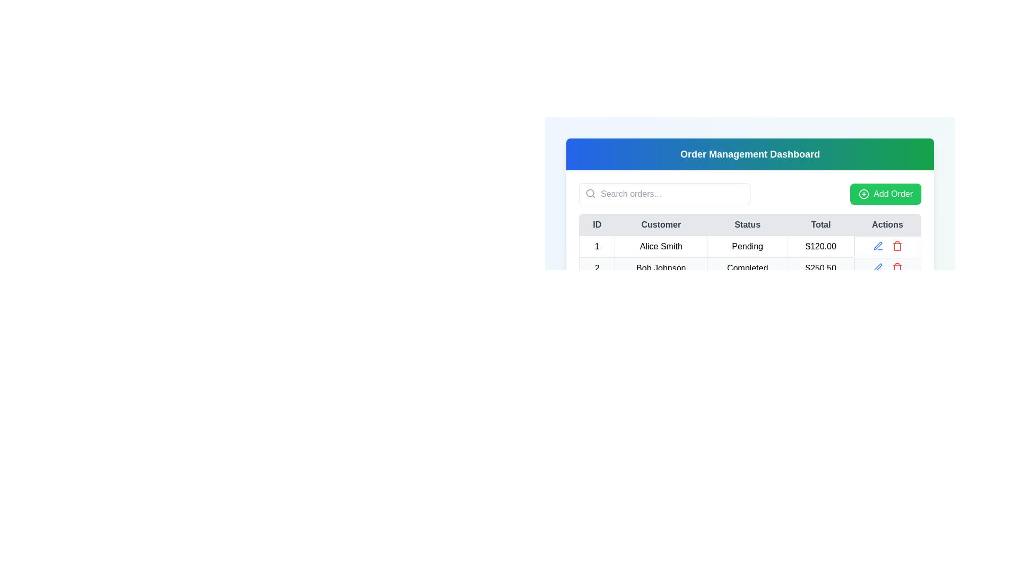  I want to click on the circular search icon located at the top left corner of the search bar, which is styled with a light gray stroke and represents a search action, so click(590, 193).